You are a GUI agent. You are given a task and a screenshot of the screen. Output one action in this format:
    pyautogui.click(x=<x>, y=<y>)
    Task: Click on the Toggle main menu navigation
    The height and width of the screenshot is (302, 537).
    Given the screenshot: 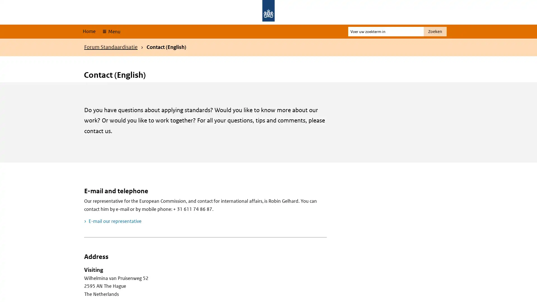 What is the action you would take?
    pyautogui.click(x=111, y=31)
    